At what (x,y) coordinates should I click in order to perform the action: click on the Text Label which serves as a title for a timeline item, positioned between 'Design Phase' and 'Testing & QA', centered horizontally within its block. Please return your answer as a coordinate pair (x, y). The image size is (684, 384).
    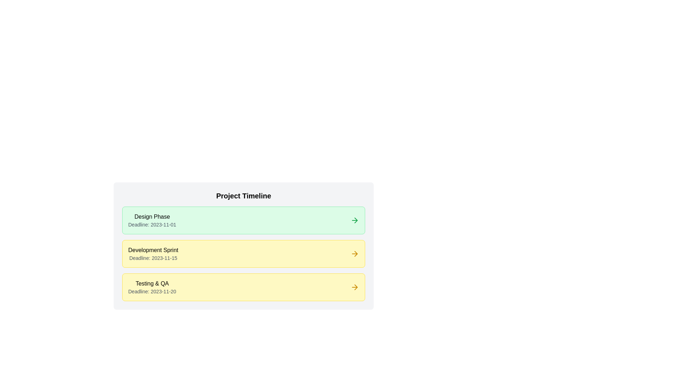
    Looking at the image, I should click on (153, 250).